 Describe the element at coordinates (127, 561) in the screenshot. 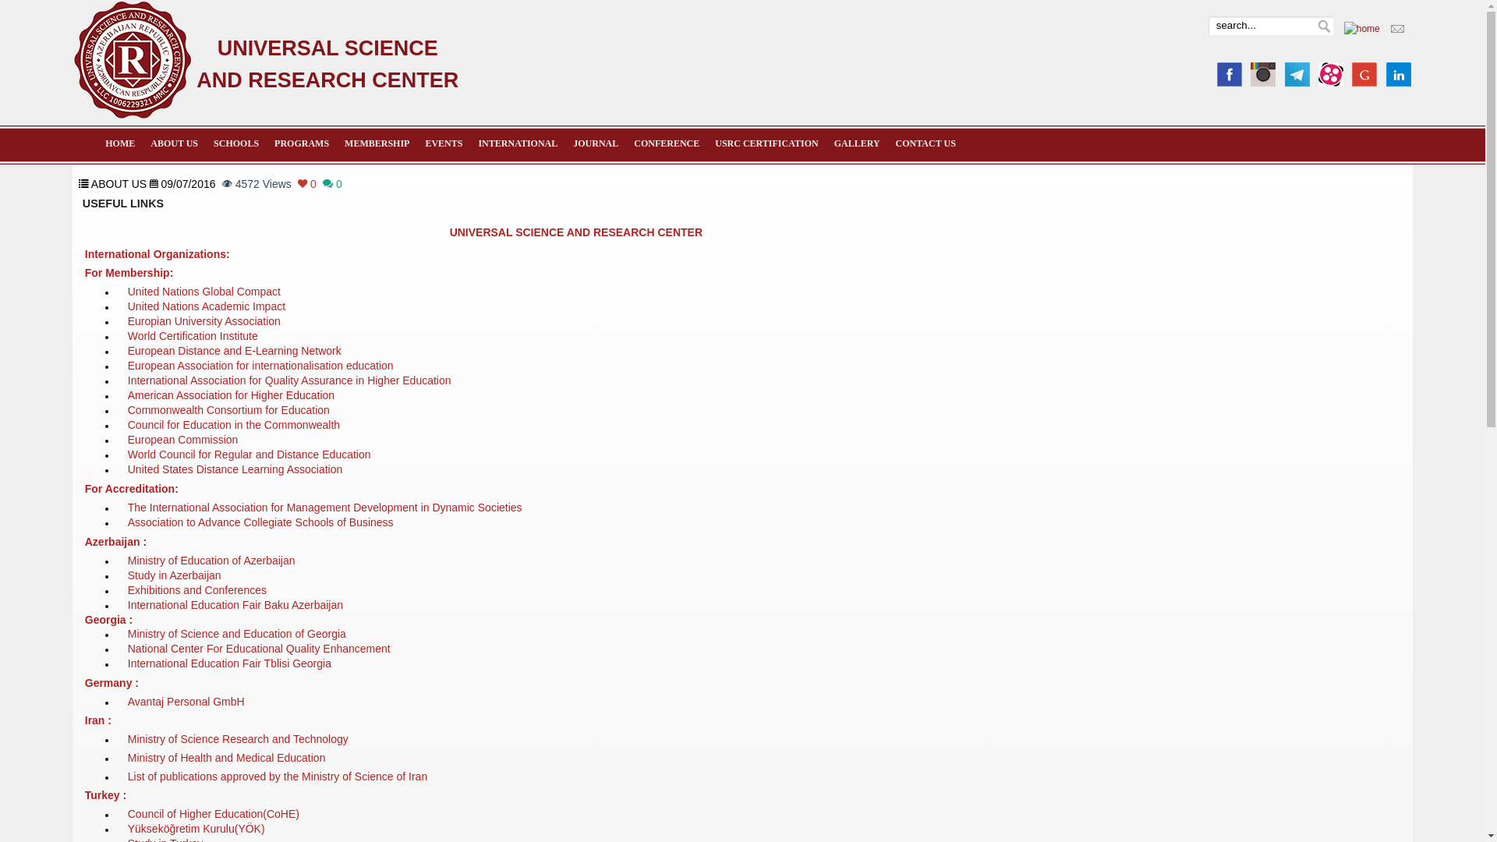

I see `'Ministry of Education of Azerbaijan'` at that location.